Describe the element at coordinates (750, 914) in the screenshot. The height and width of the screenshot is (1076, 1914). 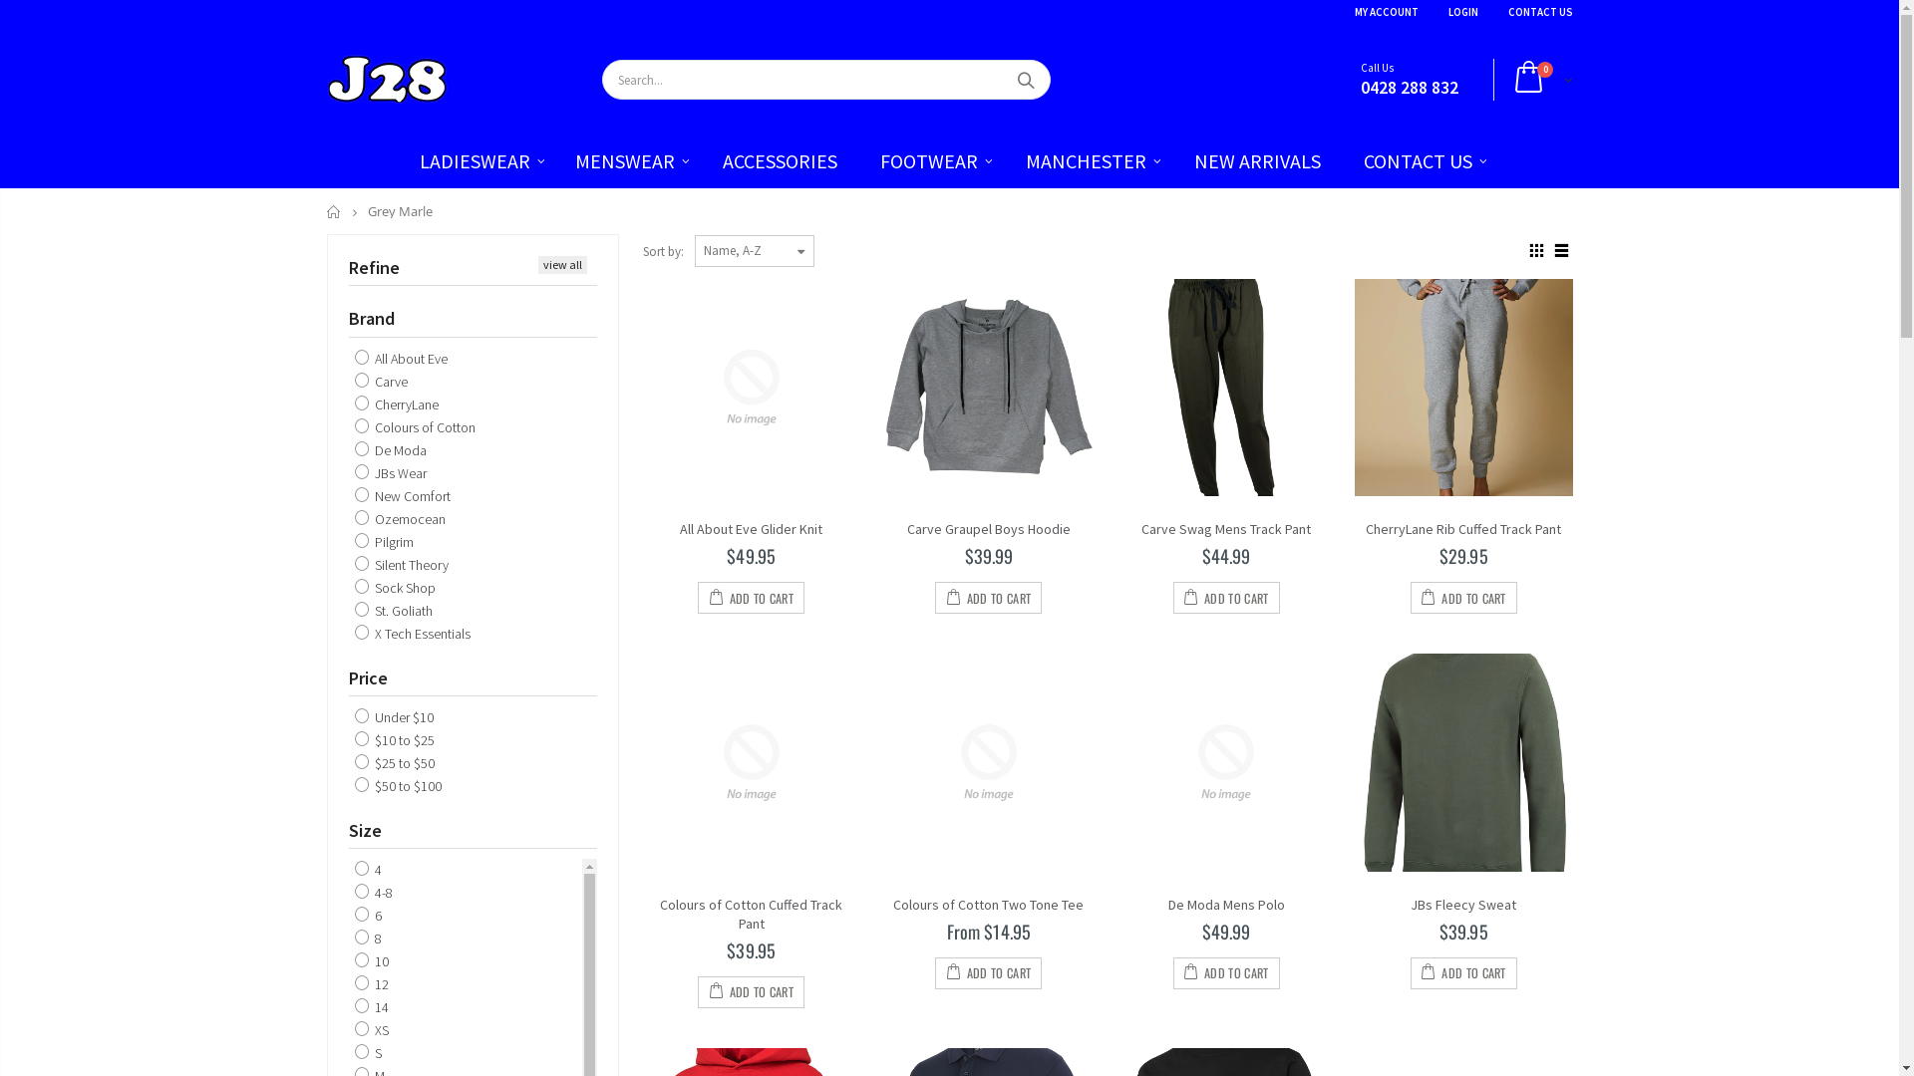
I see `'Colours of Cotton Cuffed Track Pant'` at that location.